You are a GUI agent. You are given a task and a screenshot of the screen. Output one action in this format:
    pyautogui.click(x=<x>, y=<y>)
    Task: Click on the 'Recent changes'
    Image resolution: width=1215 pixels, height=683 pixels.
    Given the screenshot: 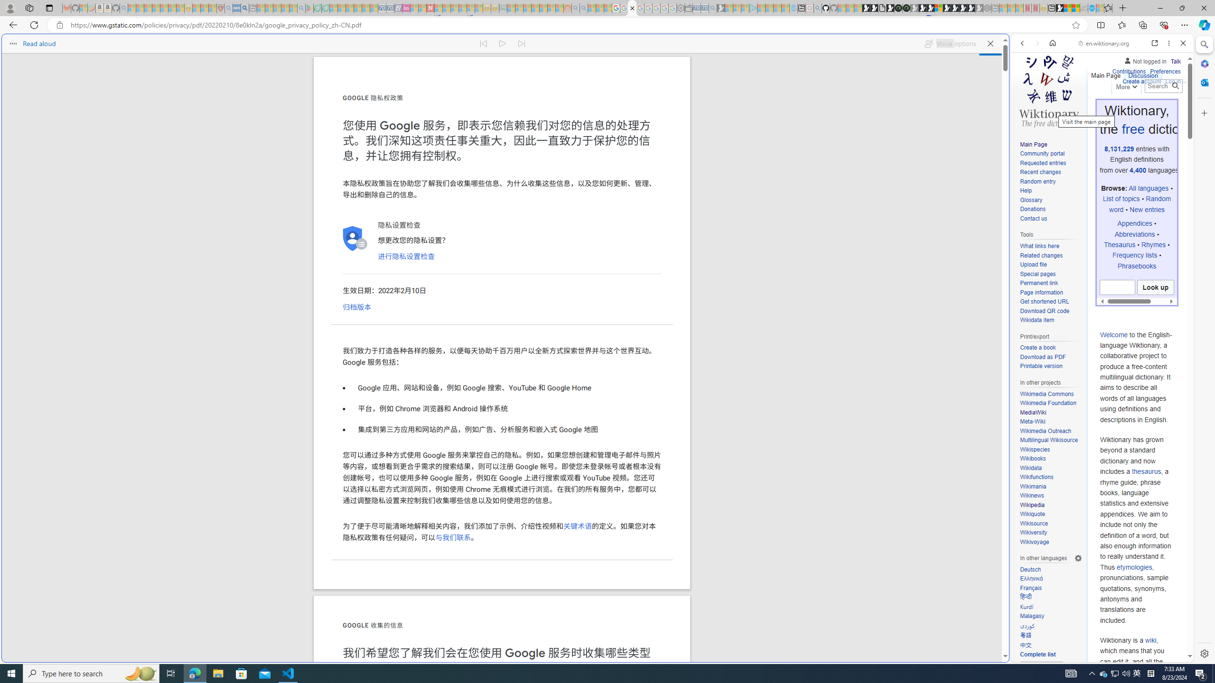 What is the action you would take?
    pyautogui.click(x=1039, y=172)
    